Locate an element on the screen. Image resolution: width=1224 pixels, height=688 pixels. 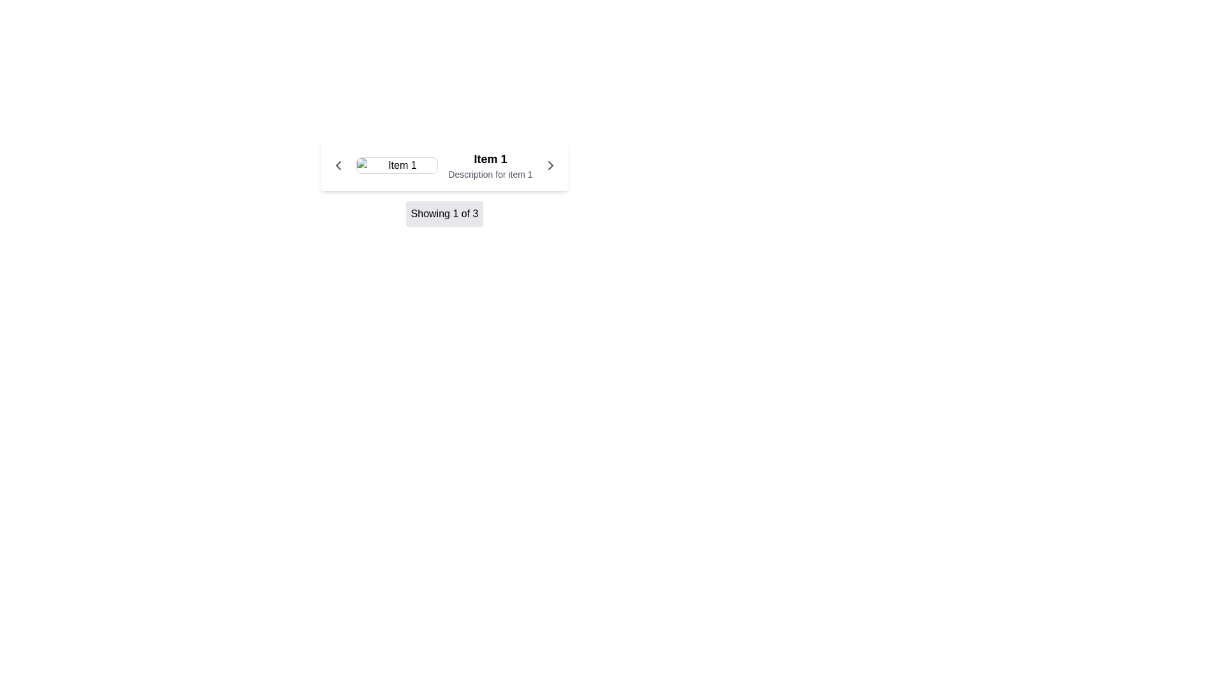
the text label displaying 'Description for item 1', which is styled with a small font size and gray color, located directly beneath the 'Item 1' label is located at coordinates (490, 174).